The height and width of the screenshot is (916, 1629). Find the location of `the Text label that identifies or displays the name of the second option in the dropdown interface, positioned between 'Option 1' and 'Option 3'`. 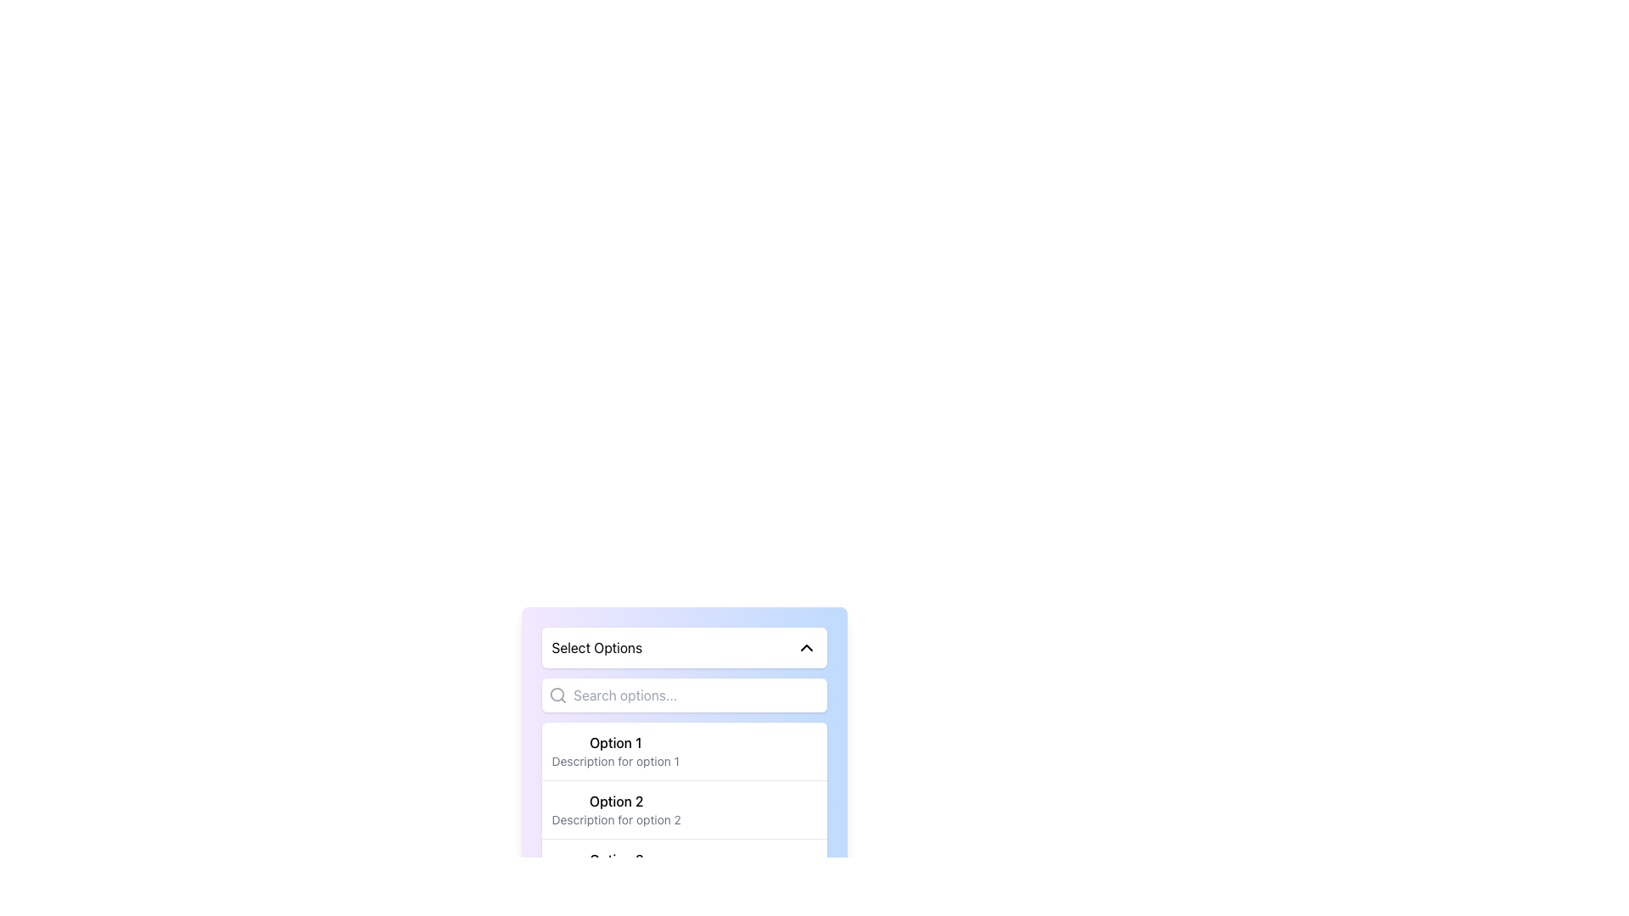

the Text label that identifies or displays the name of the second option in the dropdown interface, positioned between 'Option 1' and 'Option 3' is located at coordinates (615, 801).